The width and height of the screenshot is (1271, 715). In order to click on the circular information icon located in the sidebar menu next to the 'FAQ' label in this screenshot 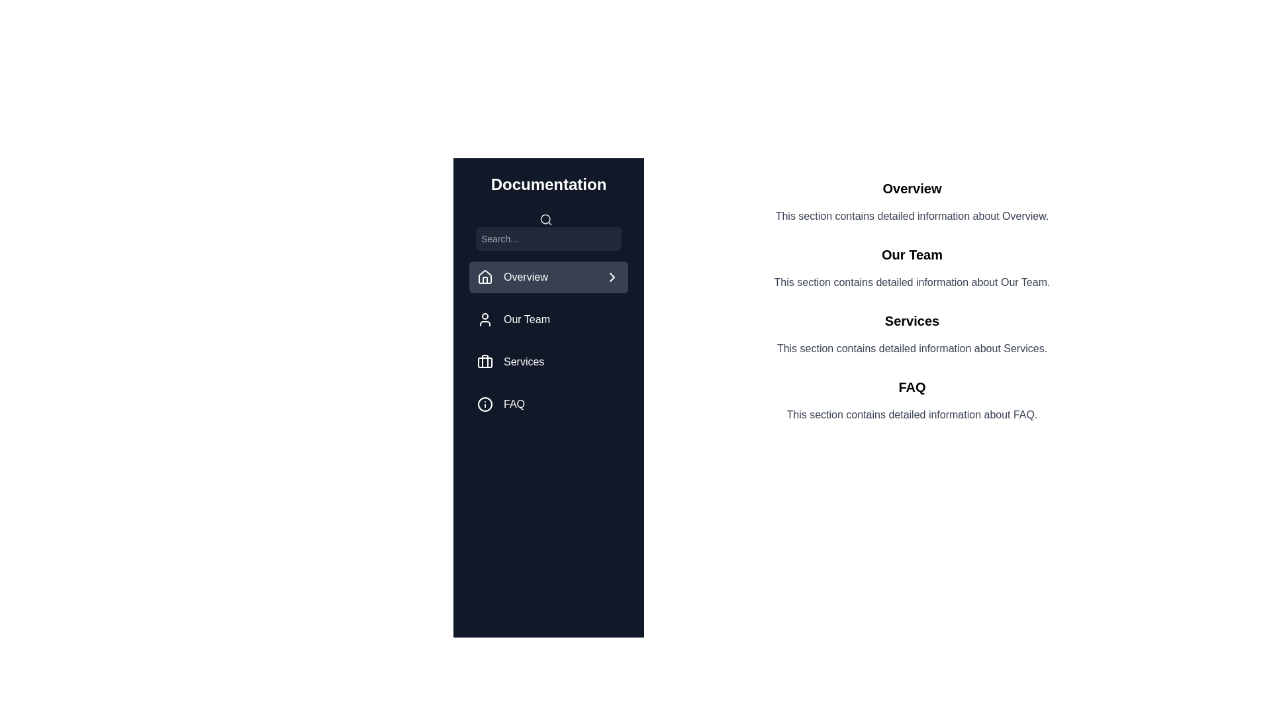, I will do `click(485, 403)`.